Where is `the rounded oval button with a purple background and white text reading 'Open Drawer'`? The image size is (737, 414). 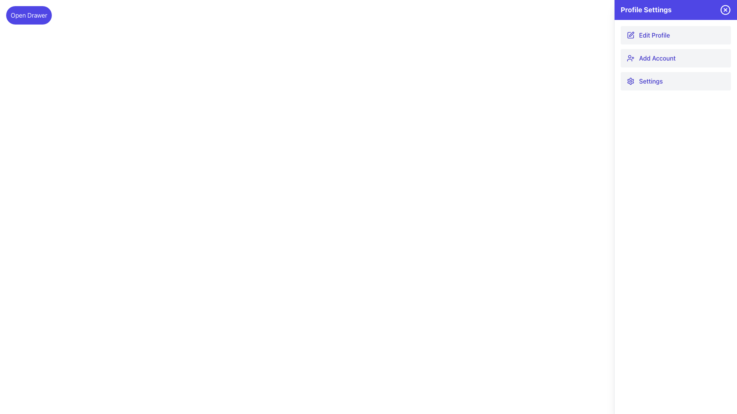 the rounded oval button with a purple background and white text reading 'Open Drawer' is located at coordinates (29, 15).